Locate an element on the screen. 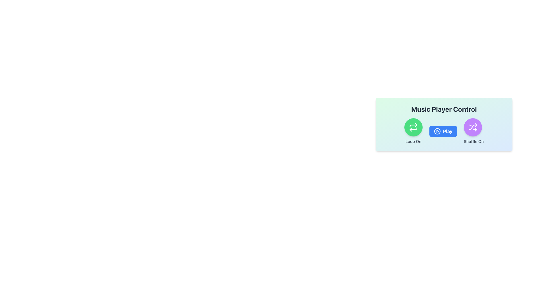 The width and height of the screenshot is (546, 307). the third circular button from the left in the music player control interface is located at coordinates (473, 127).